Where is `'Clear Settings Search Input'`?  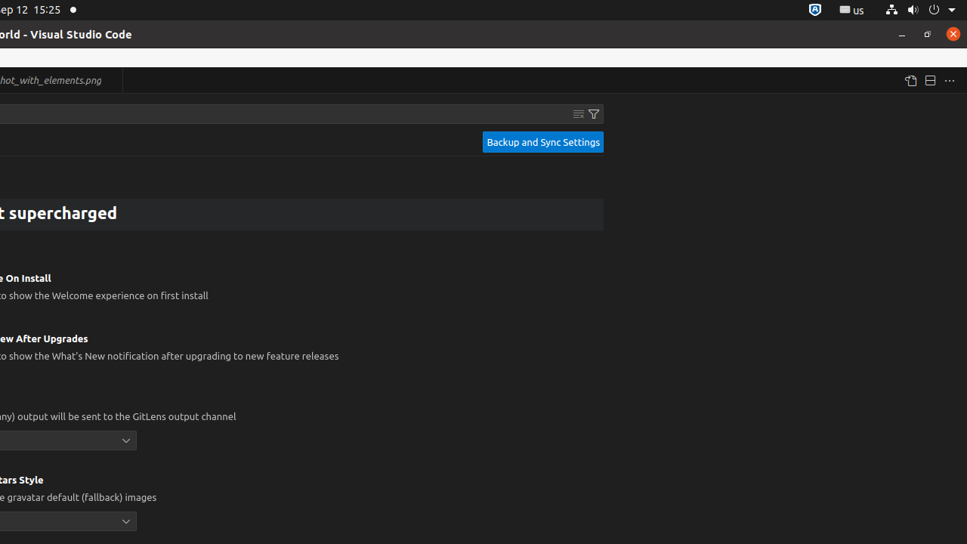 'Clear Settings Search Input' is located at coordinates (577, 113).